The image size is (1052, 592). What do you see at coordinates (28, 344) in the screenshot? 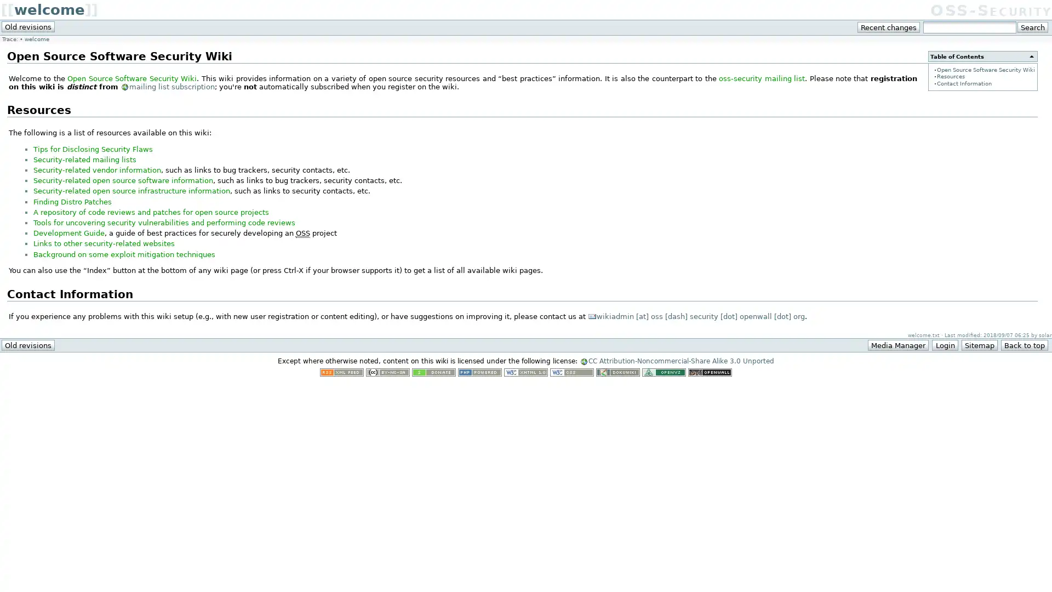
I see `Old revisions` at bounding box center [28, 344].